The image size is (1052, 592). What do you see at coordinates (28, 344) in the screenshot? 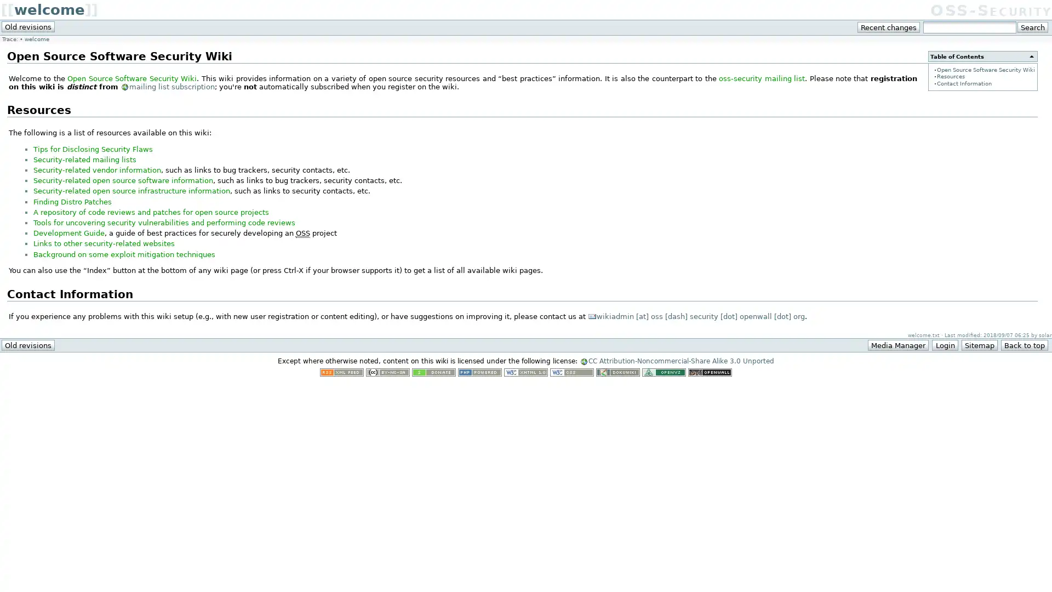
I see `Old revisions` at bounding box center [28, 344].